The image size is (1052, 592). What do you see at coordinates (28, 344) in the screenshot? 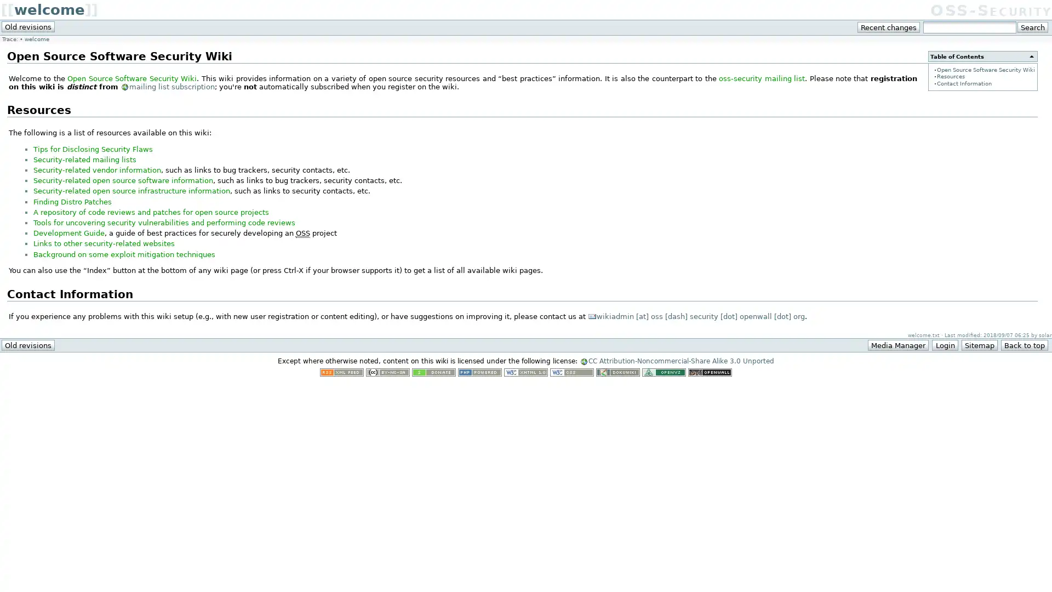
I see `Old revisions` at bounding box center [28, 344].